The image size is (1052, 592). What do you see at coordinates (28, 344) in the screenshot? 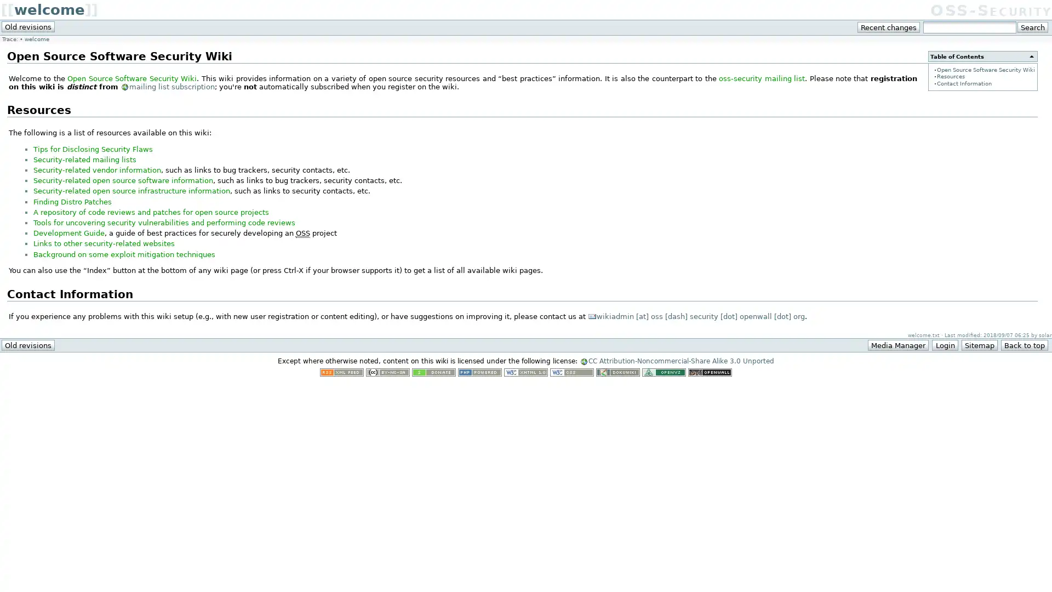
I see `Old revisions` at bounding box center [28, 344].